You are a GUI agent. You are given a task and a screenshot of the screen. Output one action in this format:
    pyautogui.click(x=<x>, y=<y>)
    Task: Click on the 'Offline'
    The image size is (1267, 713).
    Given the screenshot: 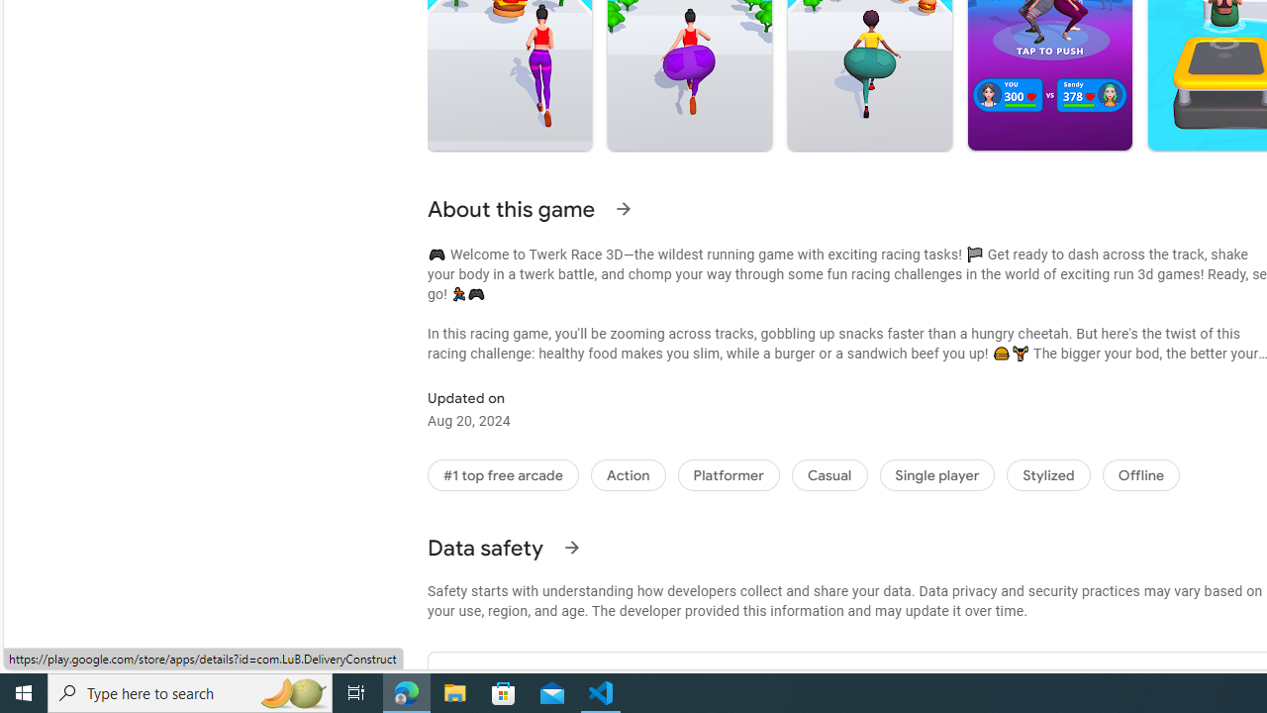 What is the action you would take?
    pyautogui.click(x=1140, y=475)
    